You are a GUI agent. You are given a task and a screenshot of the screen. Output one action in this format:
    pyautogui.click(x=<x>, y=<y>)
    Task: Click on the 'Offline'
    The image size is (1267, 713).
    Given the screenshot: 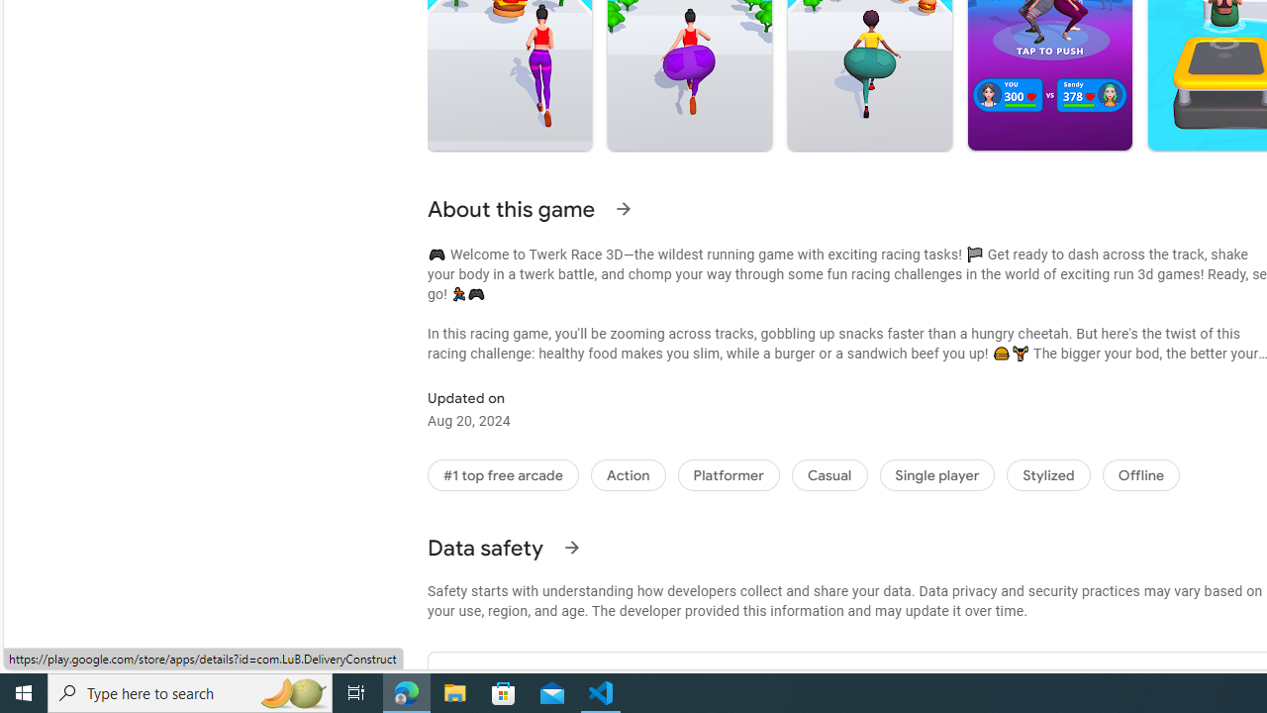 What is the action you would take?
    pyautogui.click(x=1140, y=475)
    